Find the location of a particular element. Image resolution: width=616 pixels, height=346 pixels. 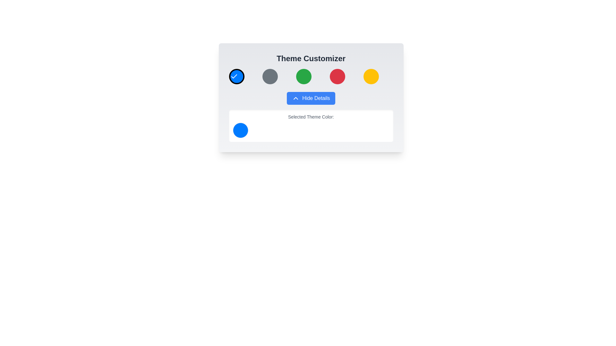

the second circular button in the 'Theme Customizer' section is located at coordinates (270, 76).